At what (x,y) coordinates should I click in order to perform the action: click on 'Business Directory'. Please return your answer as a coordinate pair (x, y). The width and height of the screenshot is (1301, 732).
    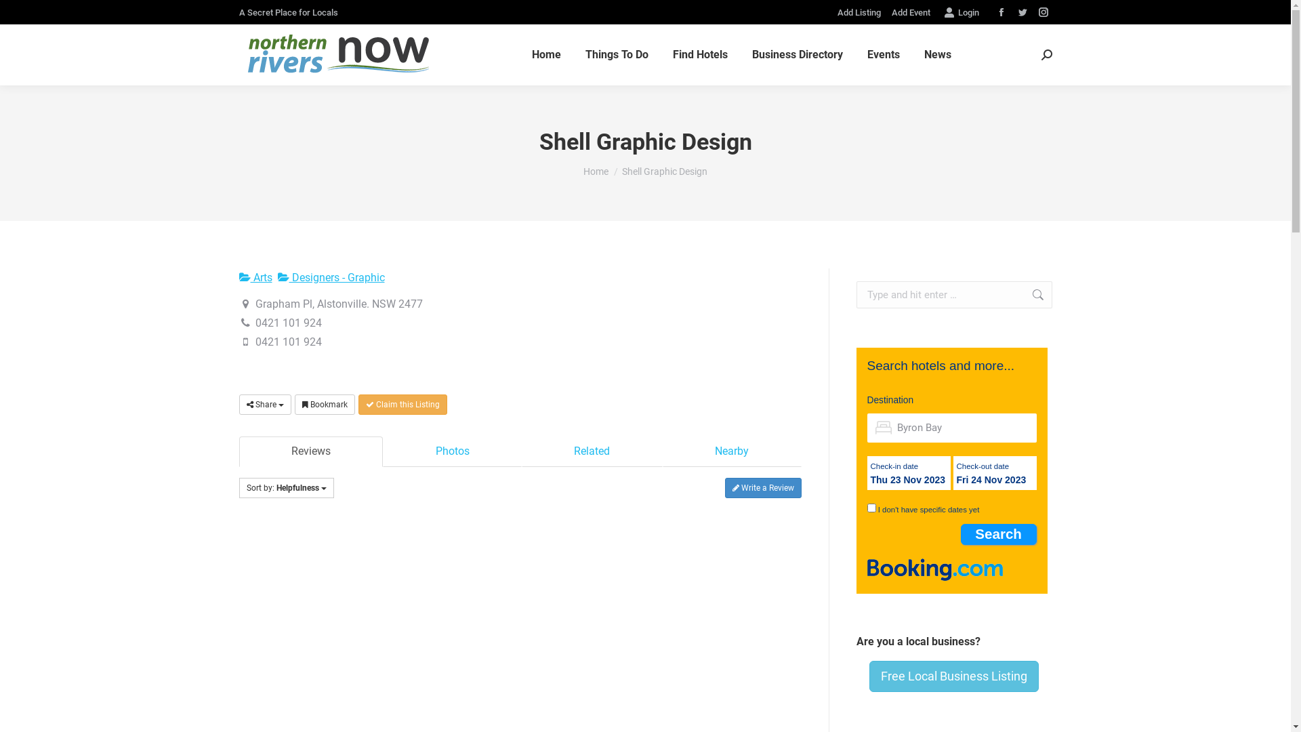
    Looking at the image, I should click on (797, 54).